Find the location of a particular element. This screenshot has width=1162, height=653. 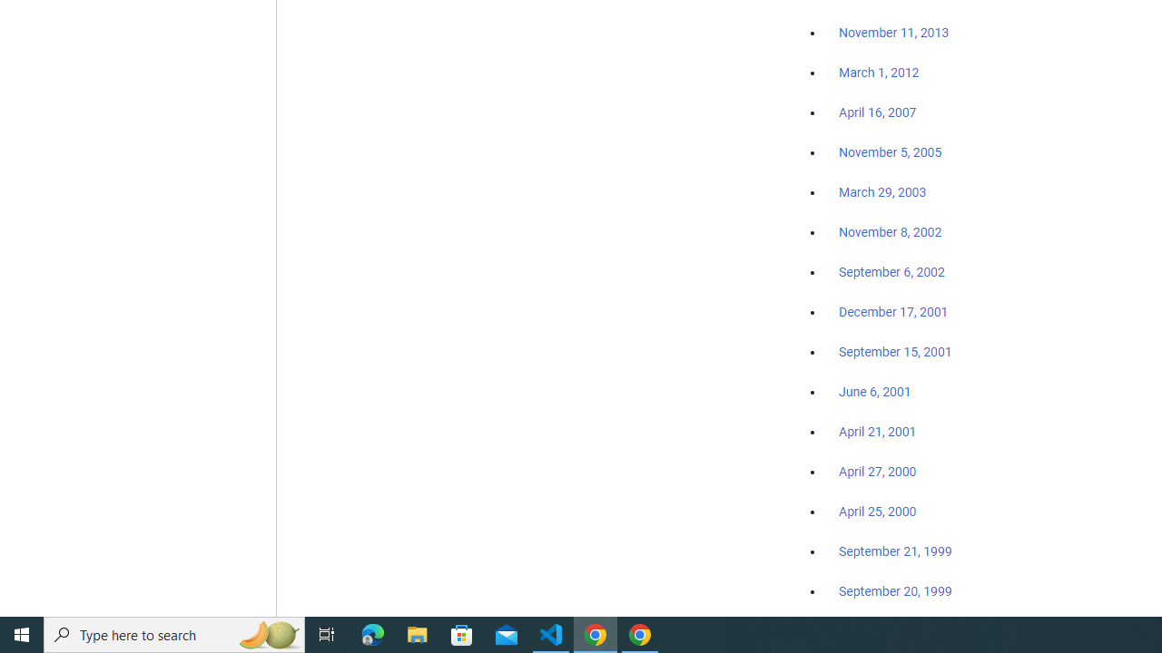

'November 5, 2005' is located at coordinates (891, 151).